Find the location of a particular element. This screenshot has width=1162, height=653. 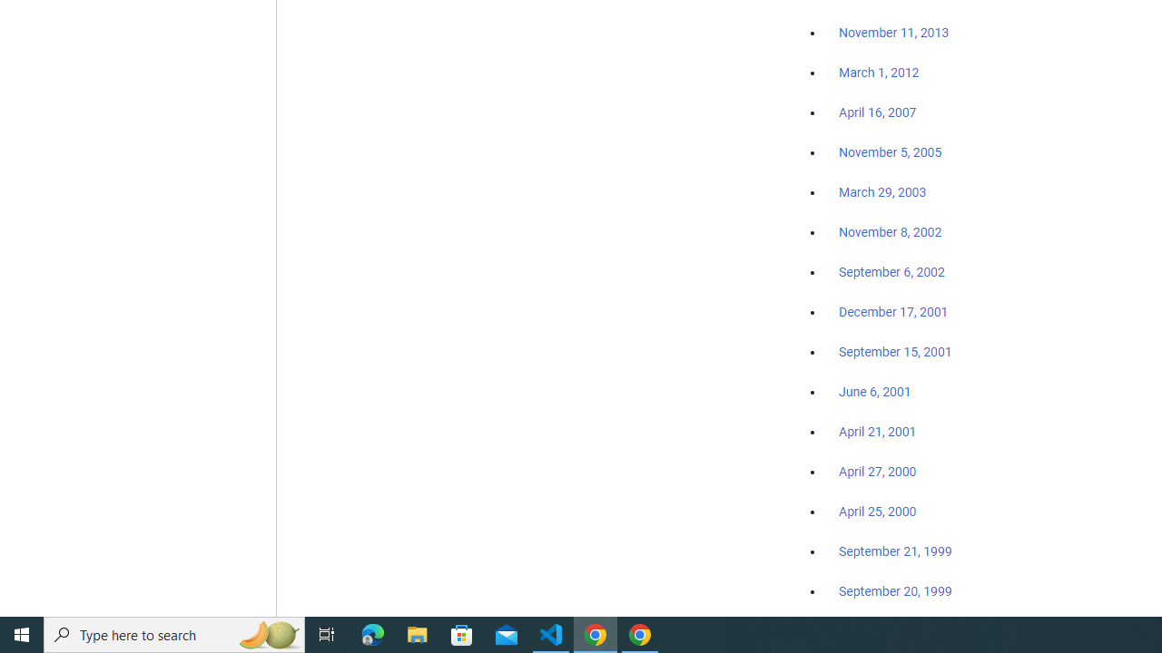

'November 5, 2005' is located at coordinates (891, 151).